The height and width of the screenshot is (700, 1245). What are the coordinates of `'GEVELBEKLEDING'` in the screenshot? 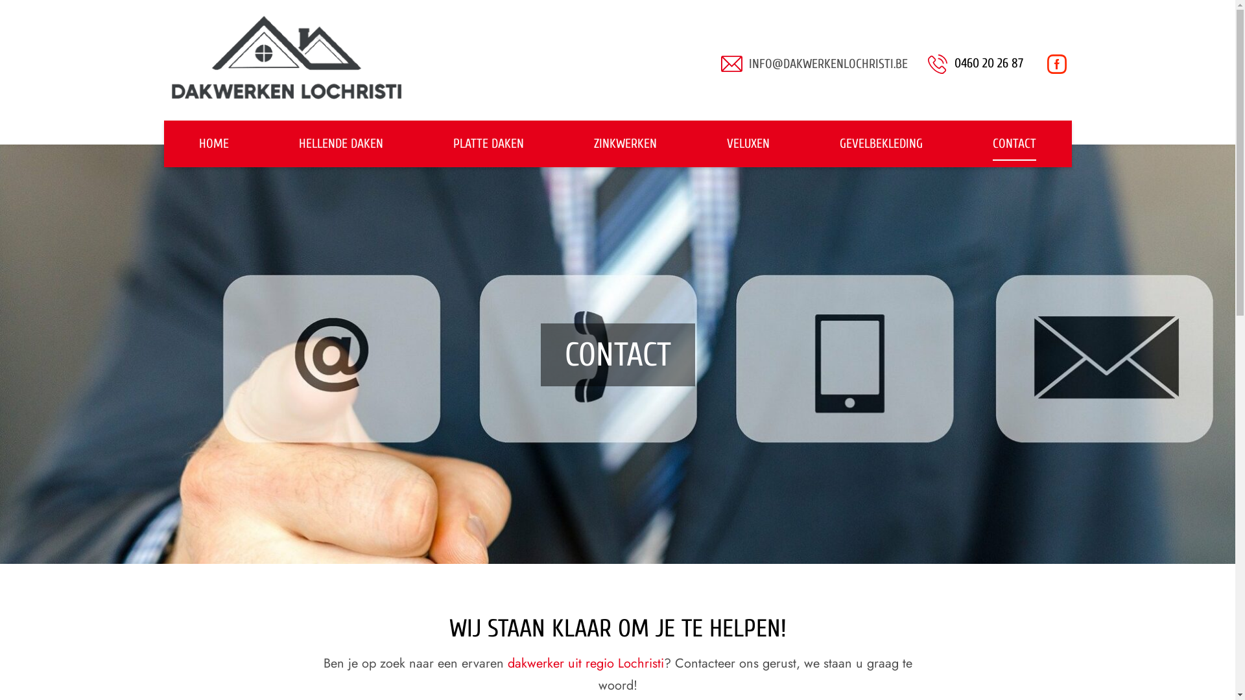 It's located at (840, 144).